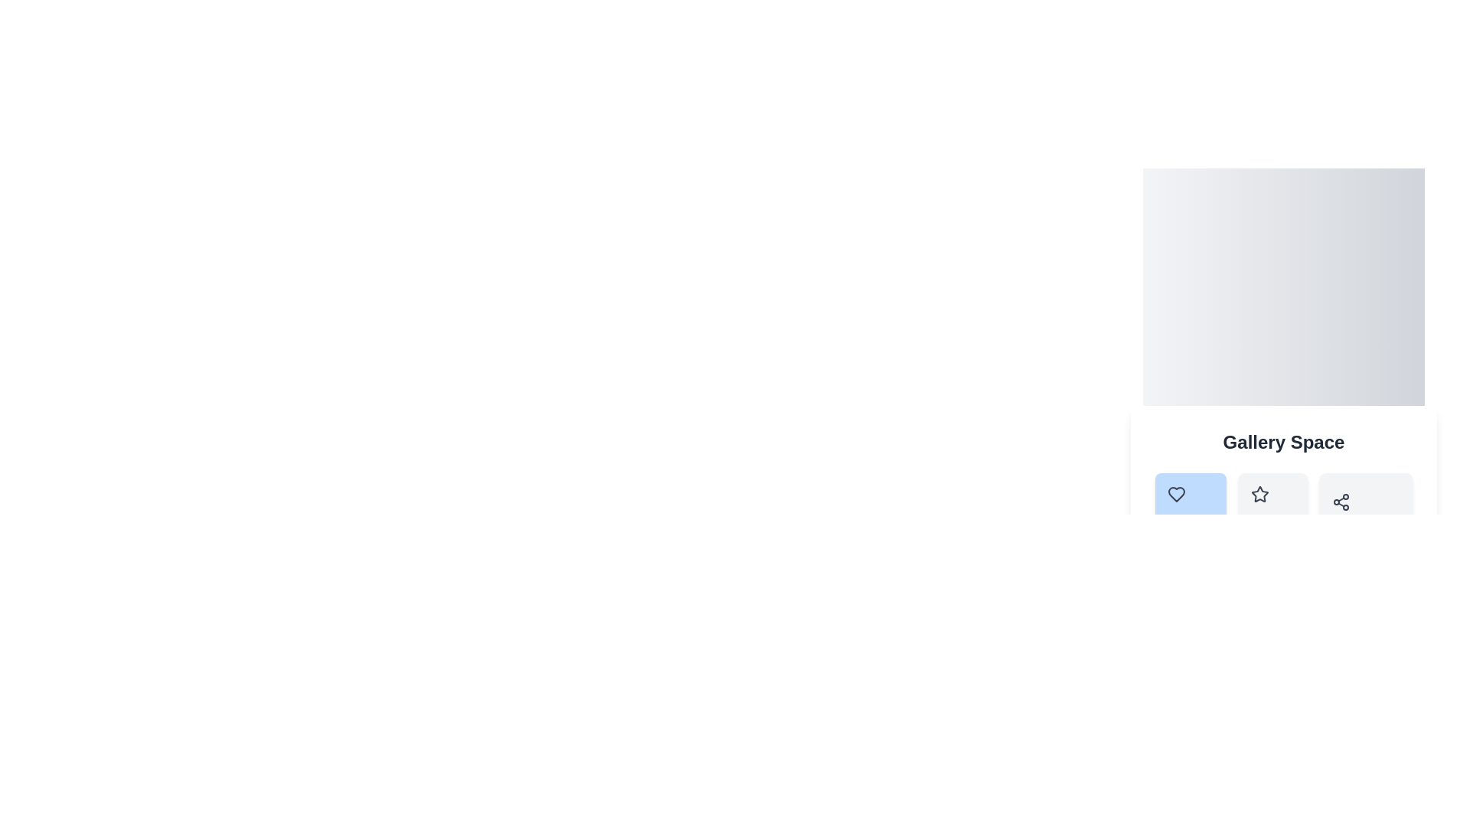 This screenshot has width=1470, height=827. I want to click on the star-shaped icon with a hollow center, styled with a thin black outline, located in the horizontal row of icons below the 'Gallery Space' title, so click(1260, 494).